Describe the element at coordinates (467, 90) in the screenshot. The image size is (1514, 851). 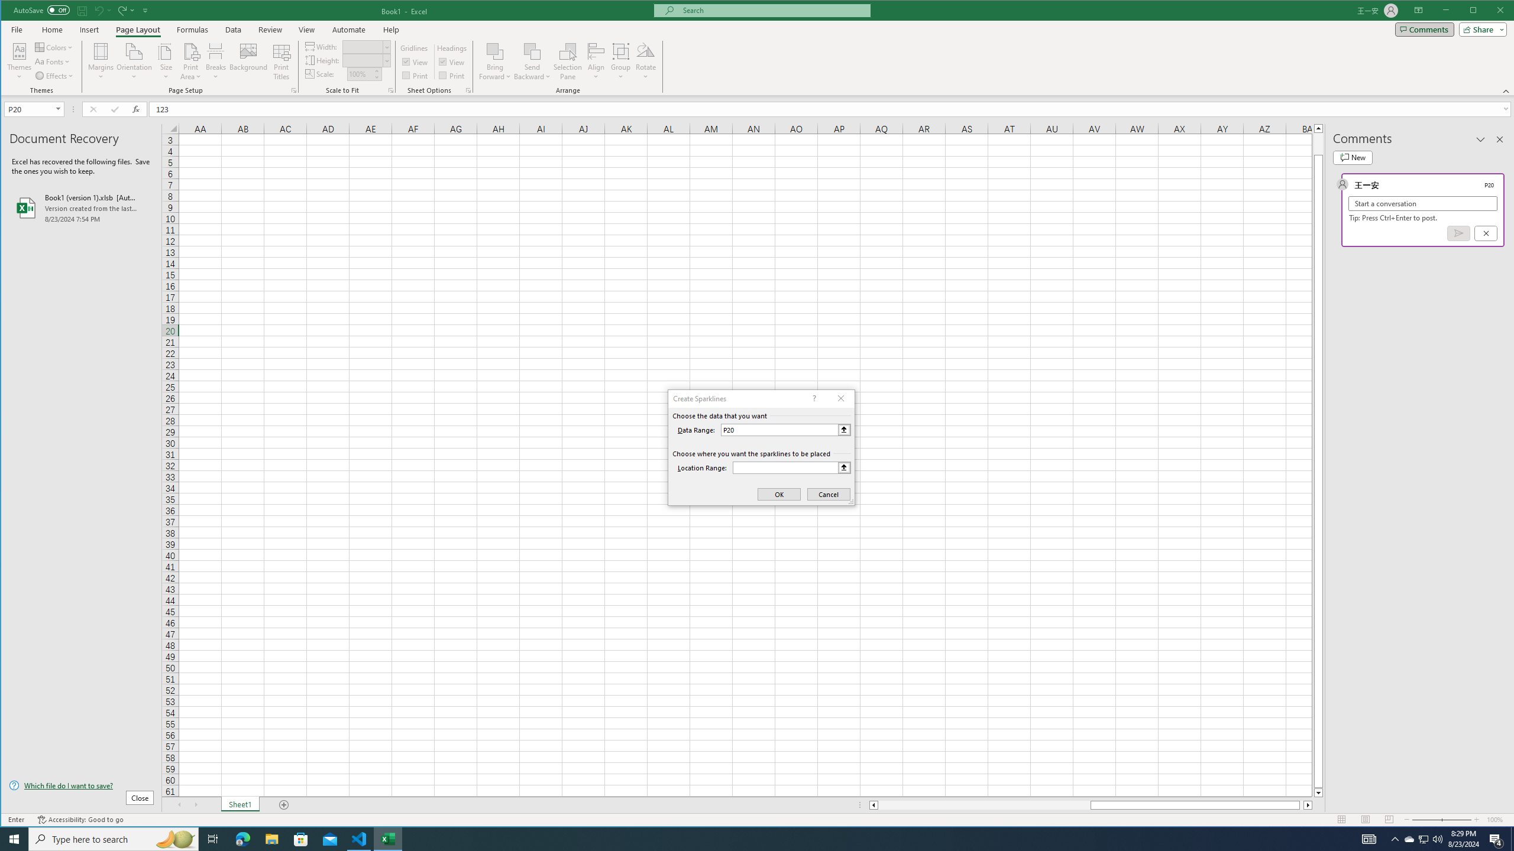
I see `'Sheet Options'` at that location.